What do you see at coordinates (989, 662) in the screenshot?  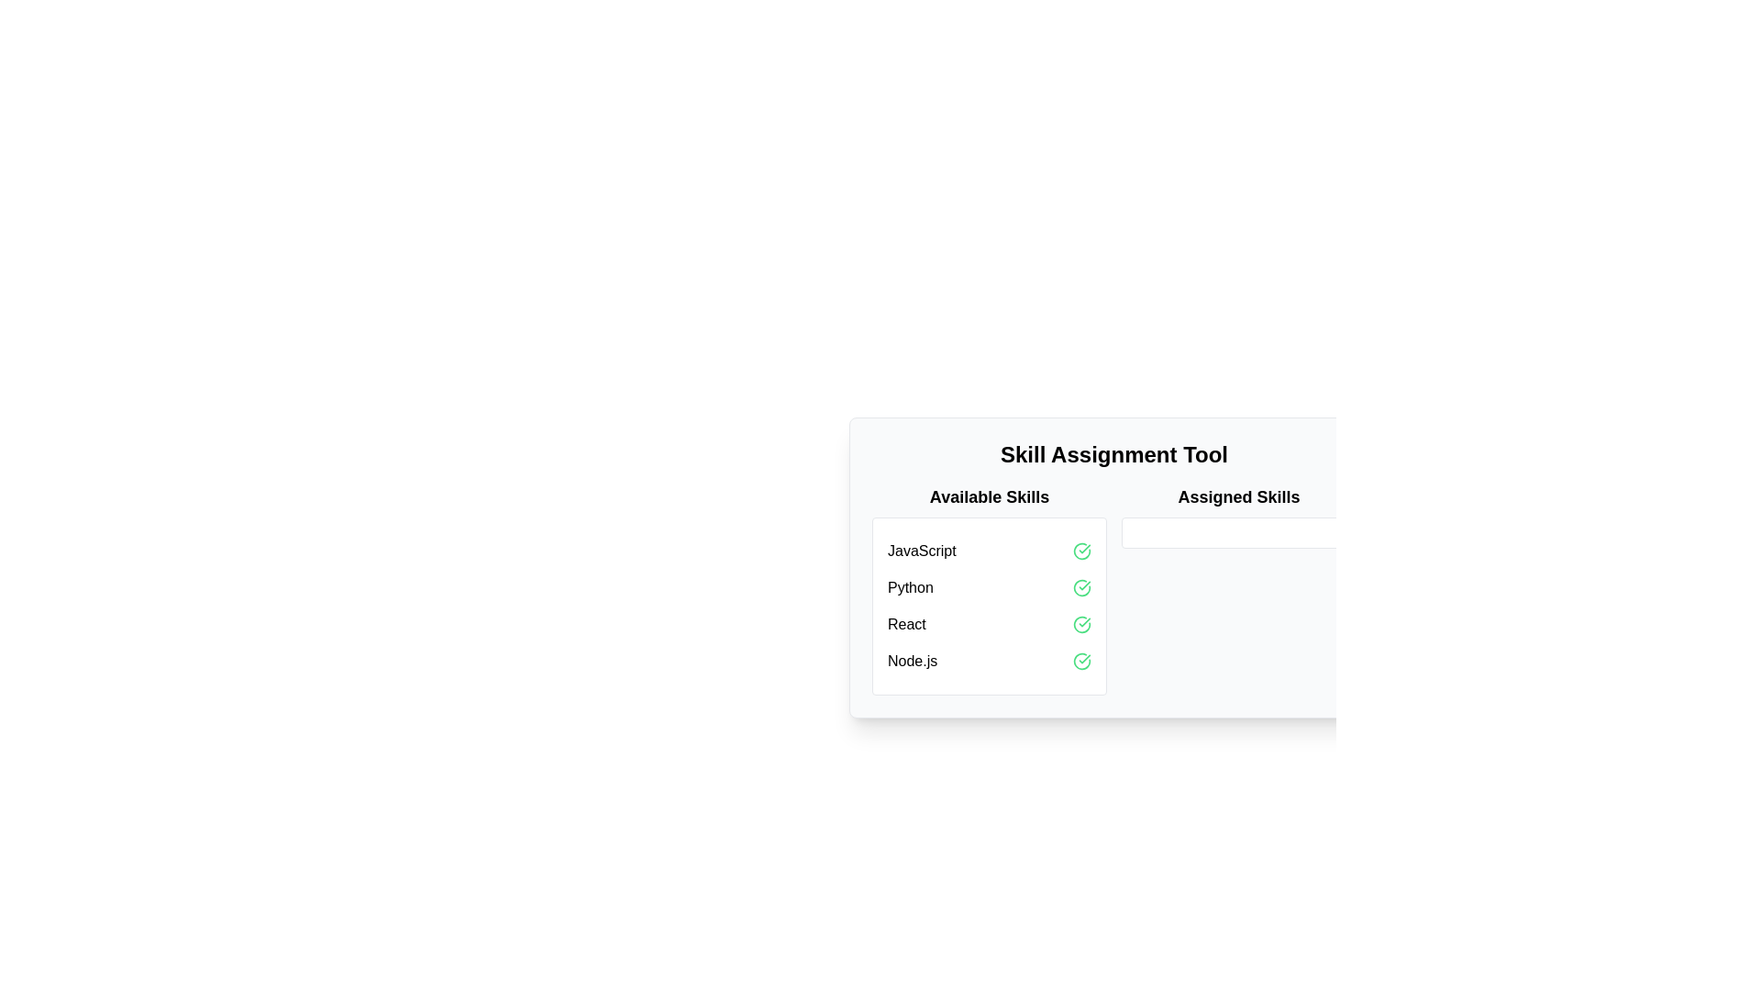 I see `the fourth selectable skill item in the 'Available Skills' list, which follows 'JavaScript', 'Python', and 'React'` at bounding box center [989, 662].